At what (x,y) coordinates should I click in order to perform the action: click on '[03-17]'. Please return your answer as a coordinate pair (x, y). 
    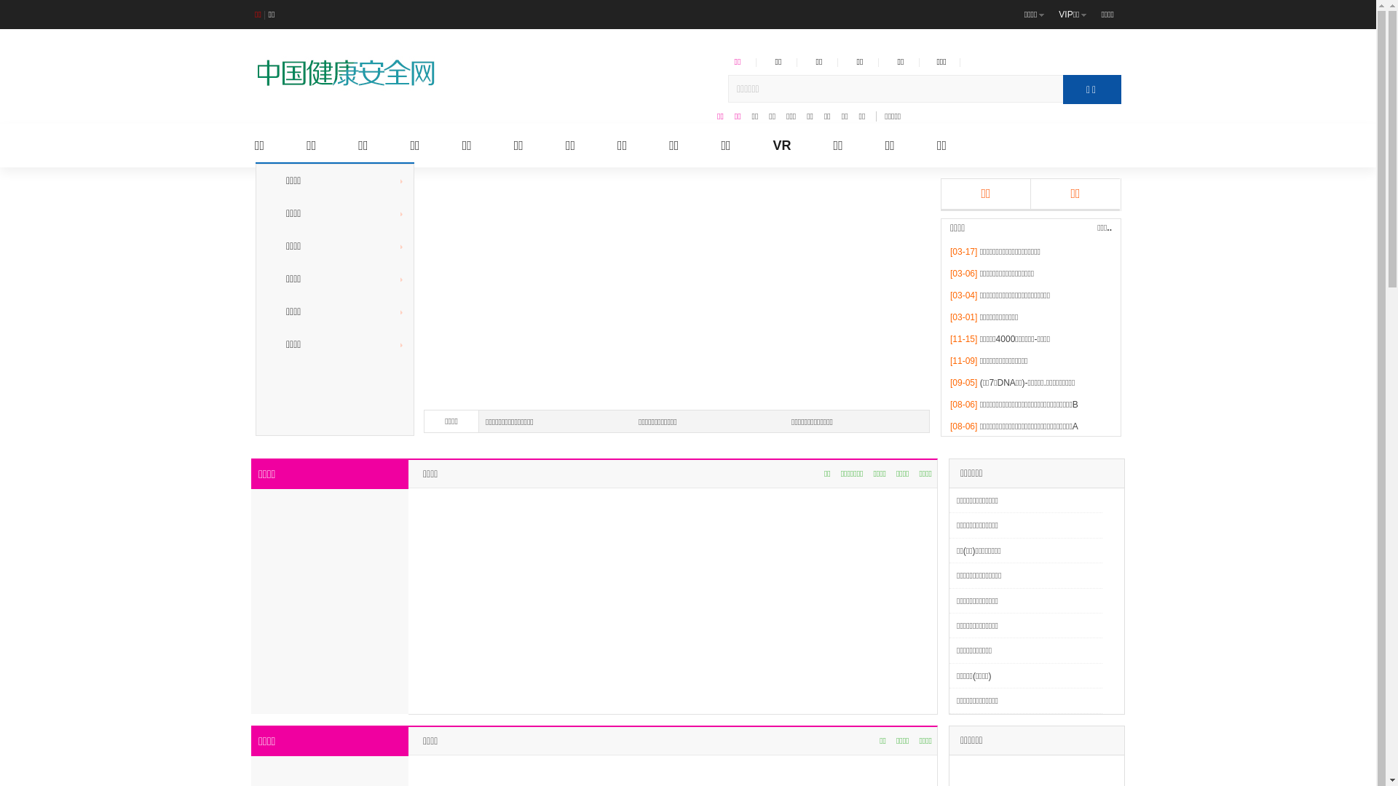
    Looking at the image, I should click on (963, 251).